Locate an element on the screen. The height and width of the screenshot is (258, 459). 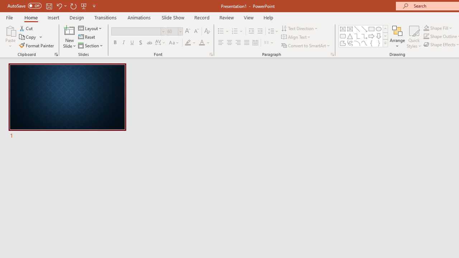
'Connector: Elbow Arrow' is located at coordinates (364, 36).